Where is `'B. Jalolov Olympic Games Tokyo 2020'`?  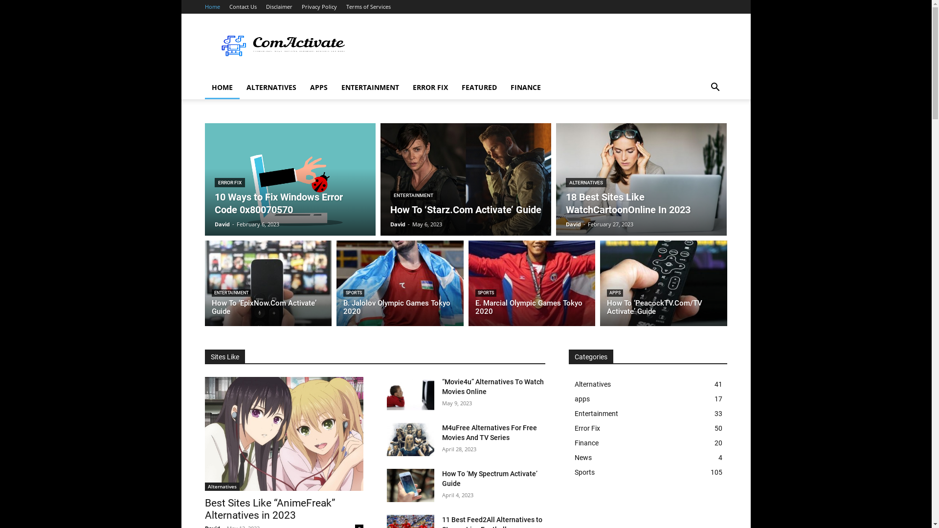 'B. Jalolov Olympic Games Tokyo 2020' is located at coordinates (397, 307).